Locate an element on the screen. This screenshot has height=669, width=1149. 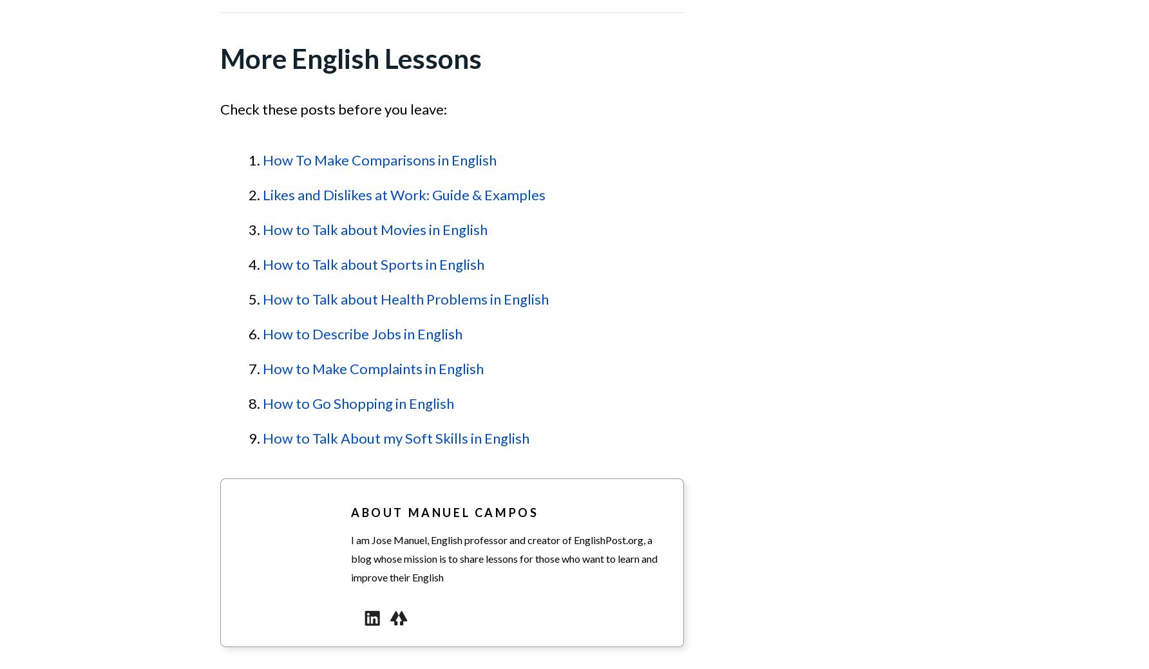
'How to Talk about Health Problems in English' is located at coordinates (404, 298).